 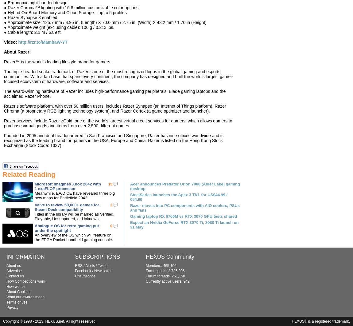 I want to click on 'About Razer:', so click(x=17, y=51).